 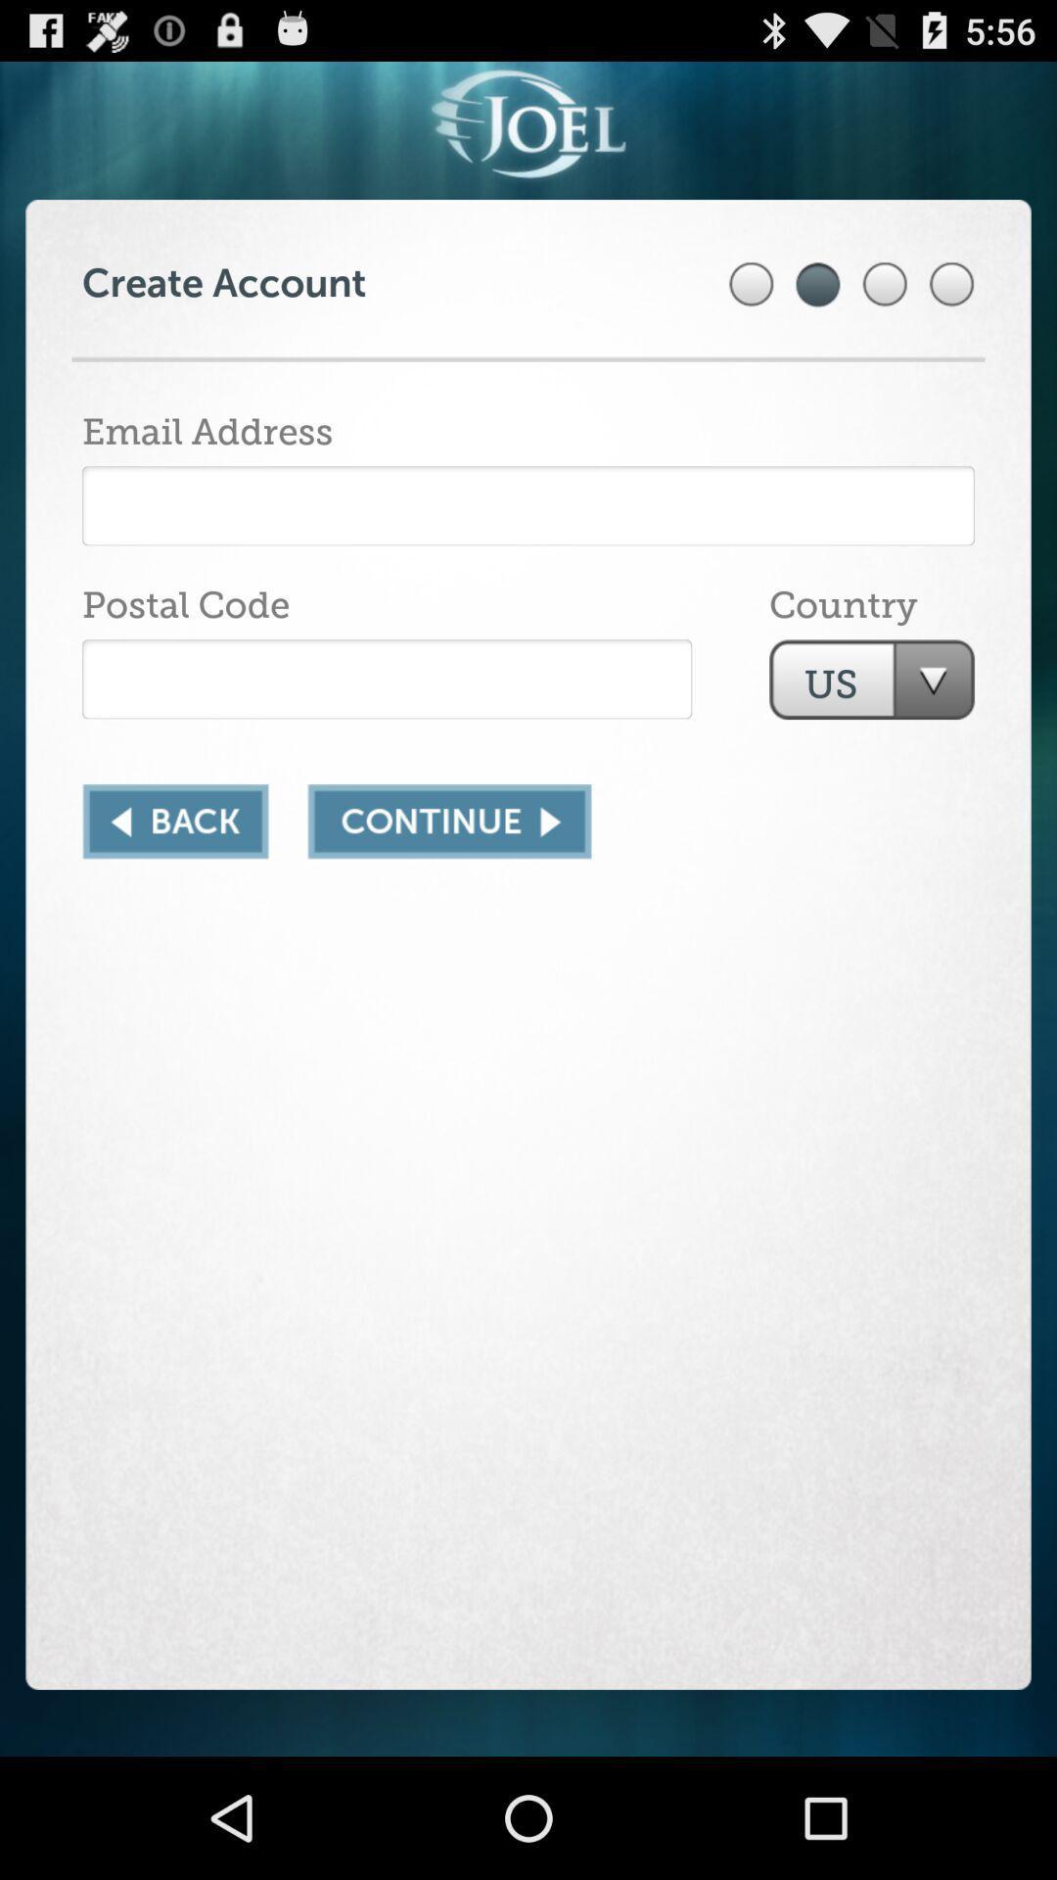 What do you see at coordinates (528, 505) in the screenshot?
I see `your email` at bounding box center [528, 505].